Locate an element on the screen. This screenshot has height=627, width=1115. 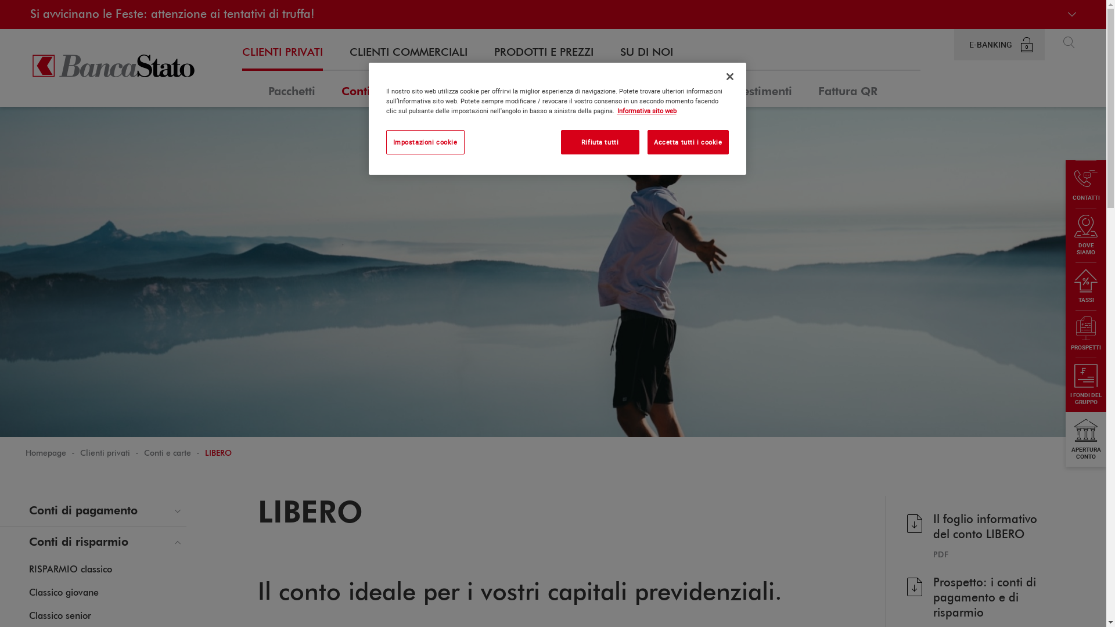
'Il foglio informativo del conto LIBERO is located at coordinates (979, 535).